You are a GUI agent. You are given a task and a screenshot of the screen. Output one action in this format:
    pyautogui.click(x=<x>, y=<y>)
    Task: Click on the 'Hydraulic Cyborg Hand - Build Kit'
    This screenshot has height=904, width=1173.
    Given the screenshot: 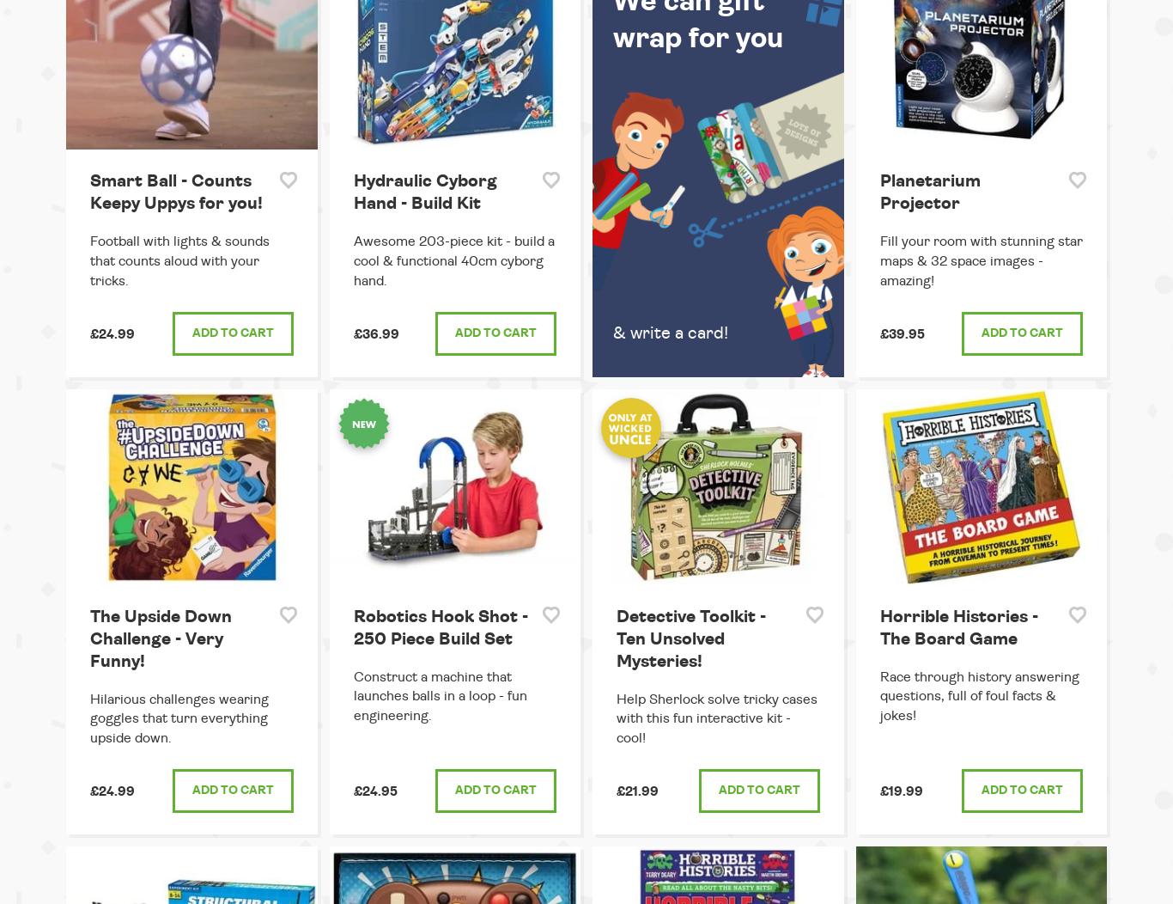 What is the action you would take?
    pyautogui.click(x=424, y=191)
    